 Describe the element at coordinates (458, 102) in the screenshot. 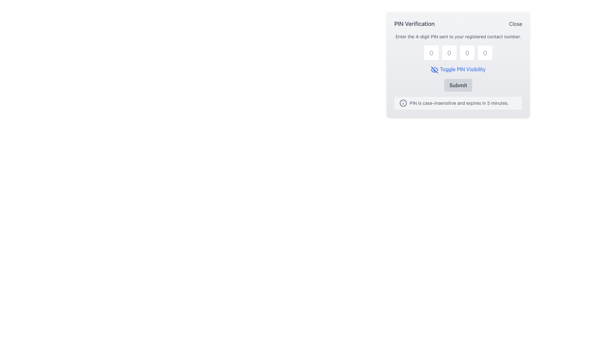

I see `the informational banner located beneath the 'Submit' button in the 'PIN Verification' dialog box, which provides details about PIN case insensitivity and expiration time` at that location.